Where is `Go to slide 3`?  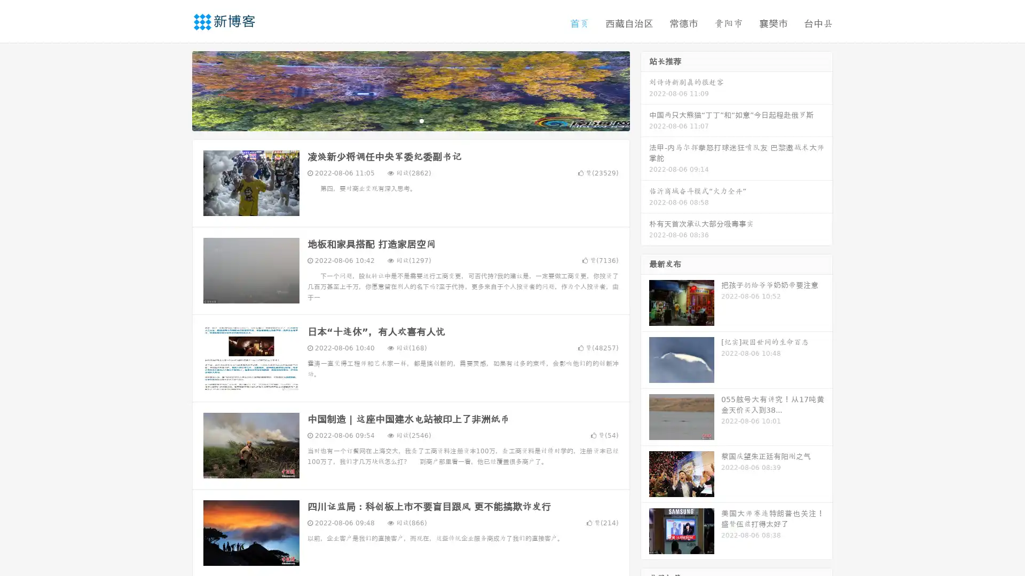 Go to slide 3 is located at coordinates (421, 120).